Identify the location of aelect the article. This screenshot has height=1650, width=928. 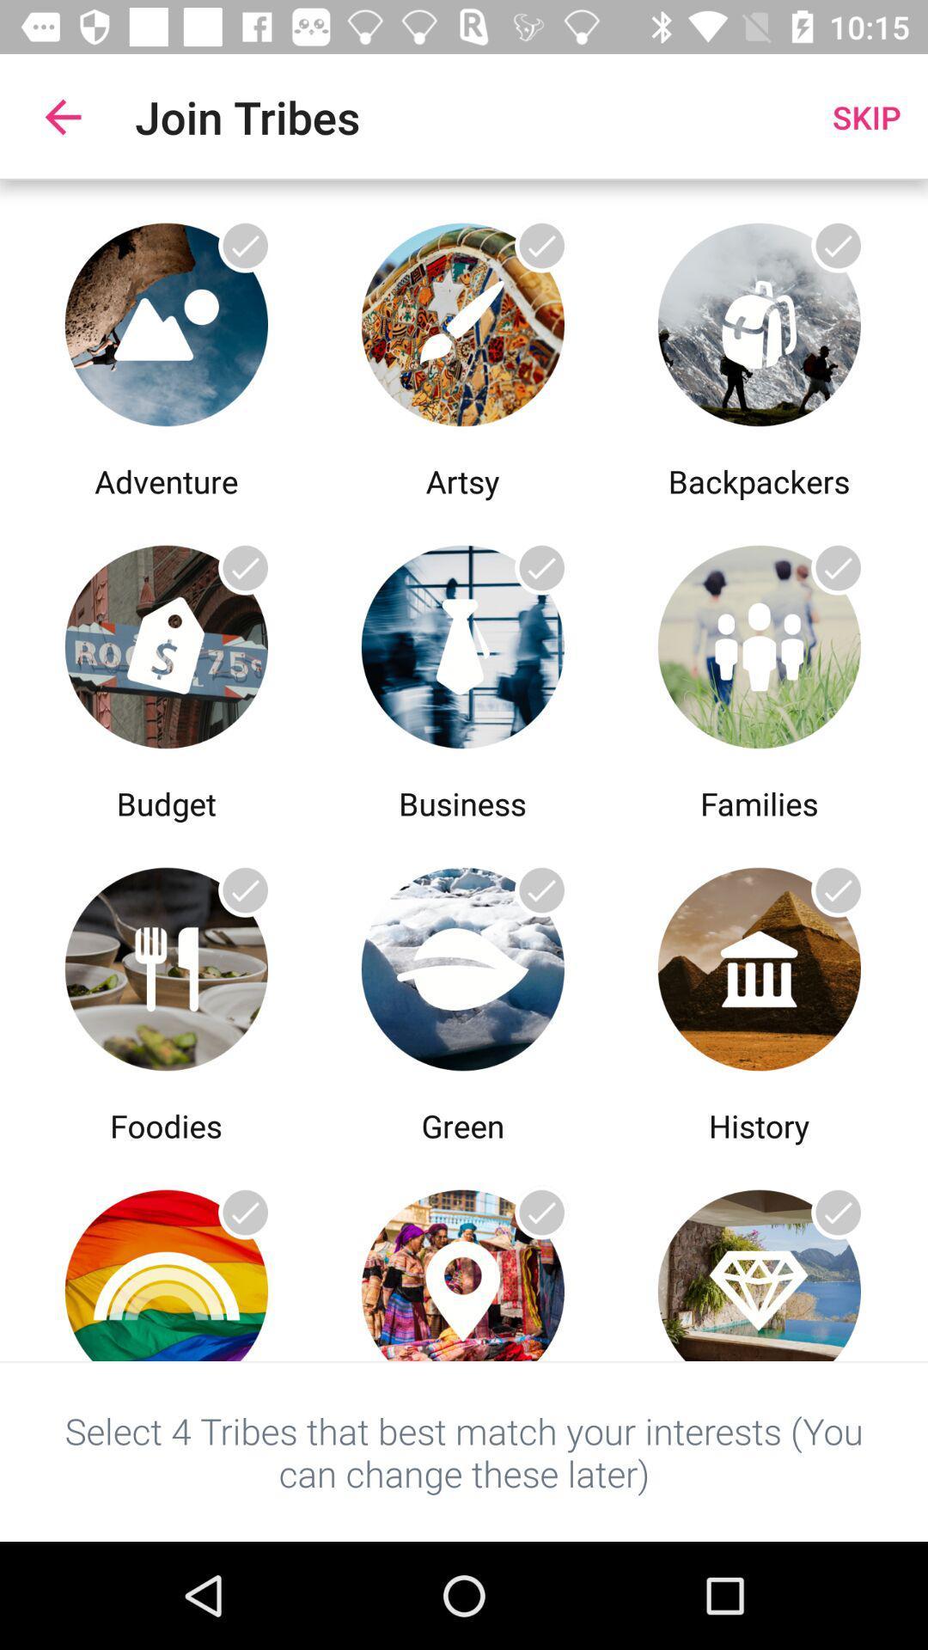
(166, 641).